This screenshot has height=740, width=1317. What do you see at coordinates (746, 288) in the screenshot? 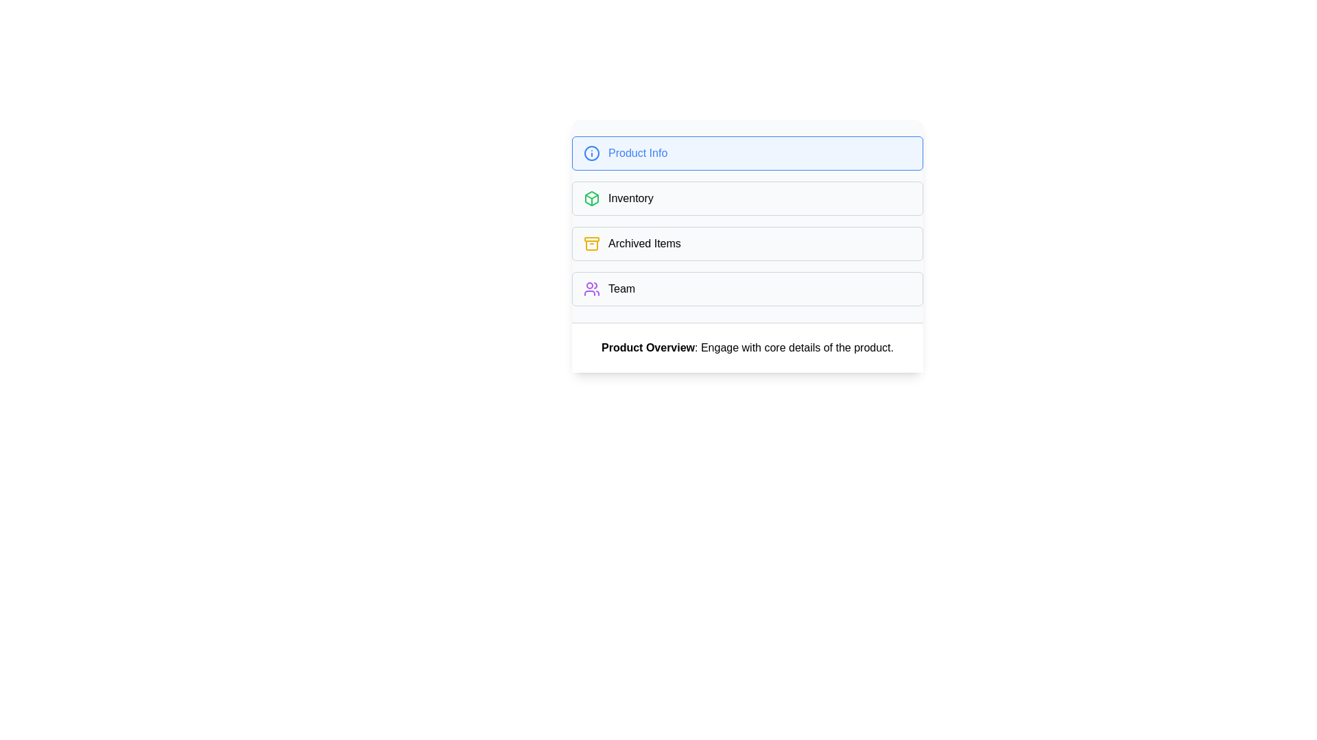
I see `the tab titled Team by clicking on its title` at bounding box center [746, 288].